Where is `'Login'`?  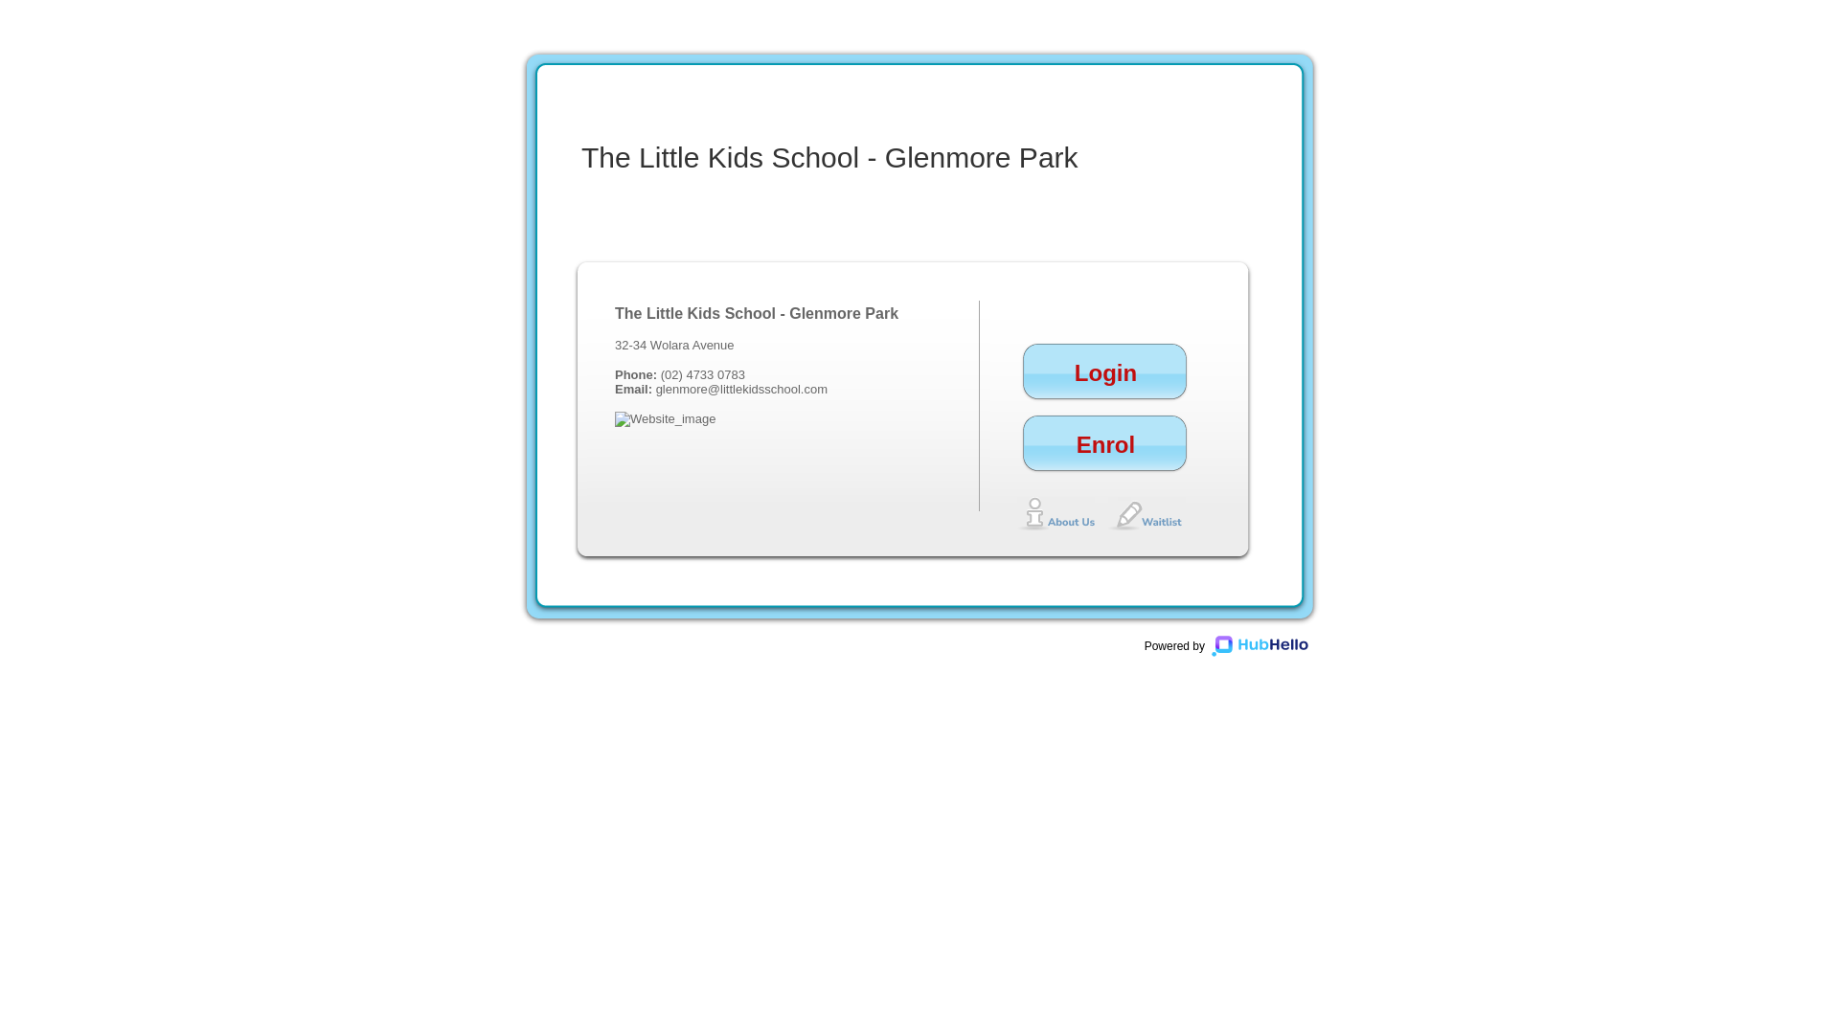
'Login' is located at coordinates (1367, 435).